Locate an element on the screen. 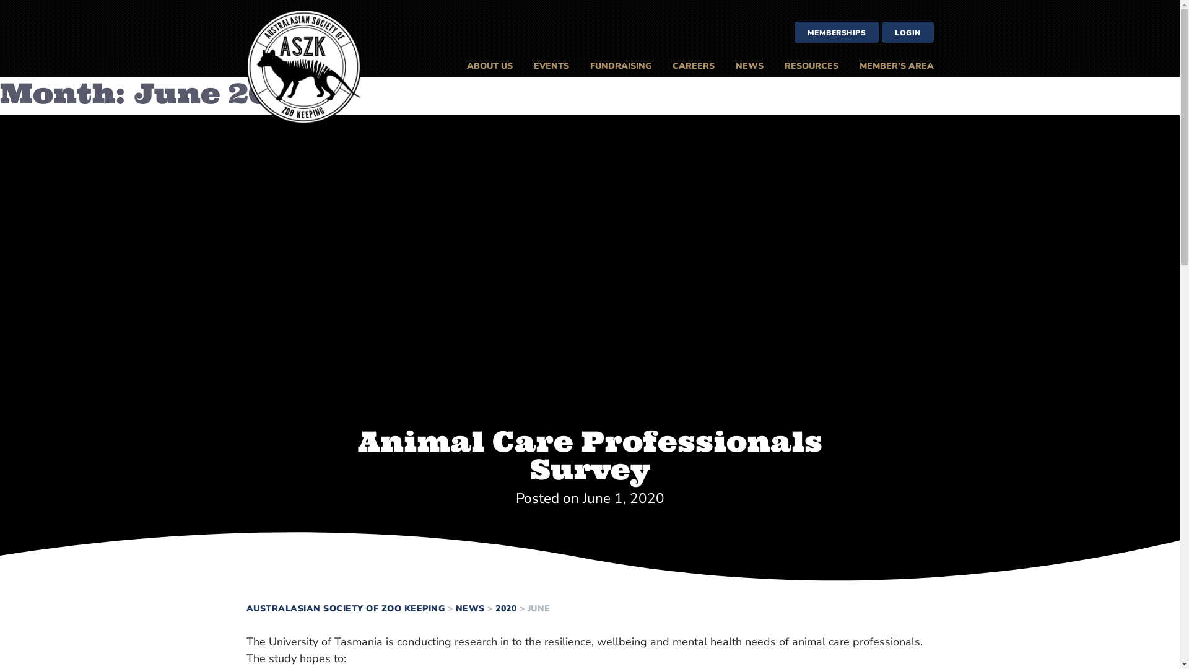 The width and height of the screenshot is (1189, 669). 'EVENTS' is located at coordinates (523, 66).